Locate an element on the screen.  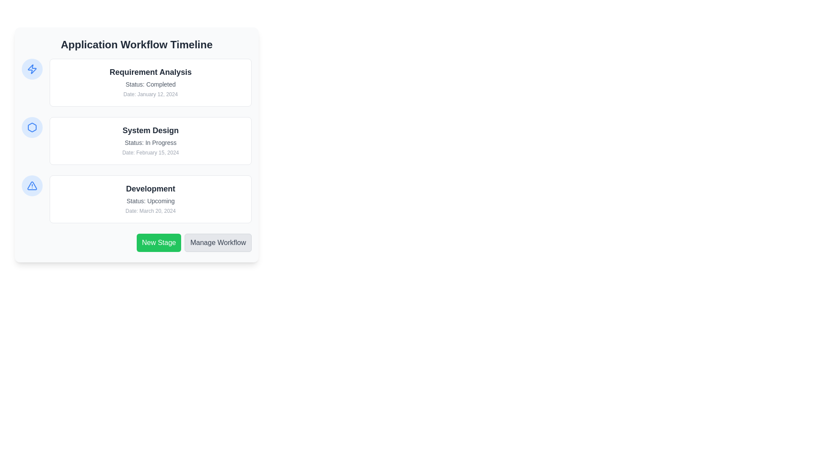
the hexagonal icon with a blue border representing the 'System Design' stage in the Application Workflow Timeline is located at coordinates (32, 128).